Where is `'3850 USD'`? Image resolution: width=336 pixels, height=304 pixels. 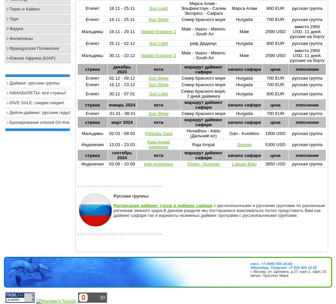
'3850 USD' is located at coordinates (275, 163).